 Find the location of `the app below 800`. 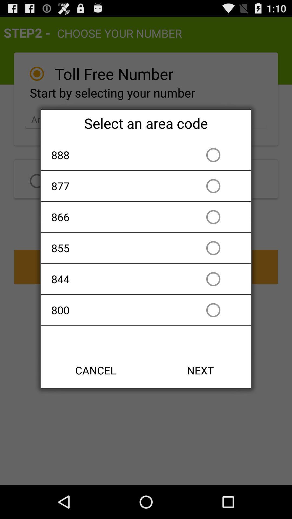

the app below 800 is located at coordinates (95, 370).